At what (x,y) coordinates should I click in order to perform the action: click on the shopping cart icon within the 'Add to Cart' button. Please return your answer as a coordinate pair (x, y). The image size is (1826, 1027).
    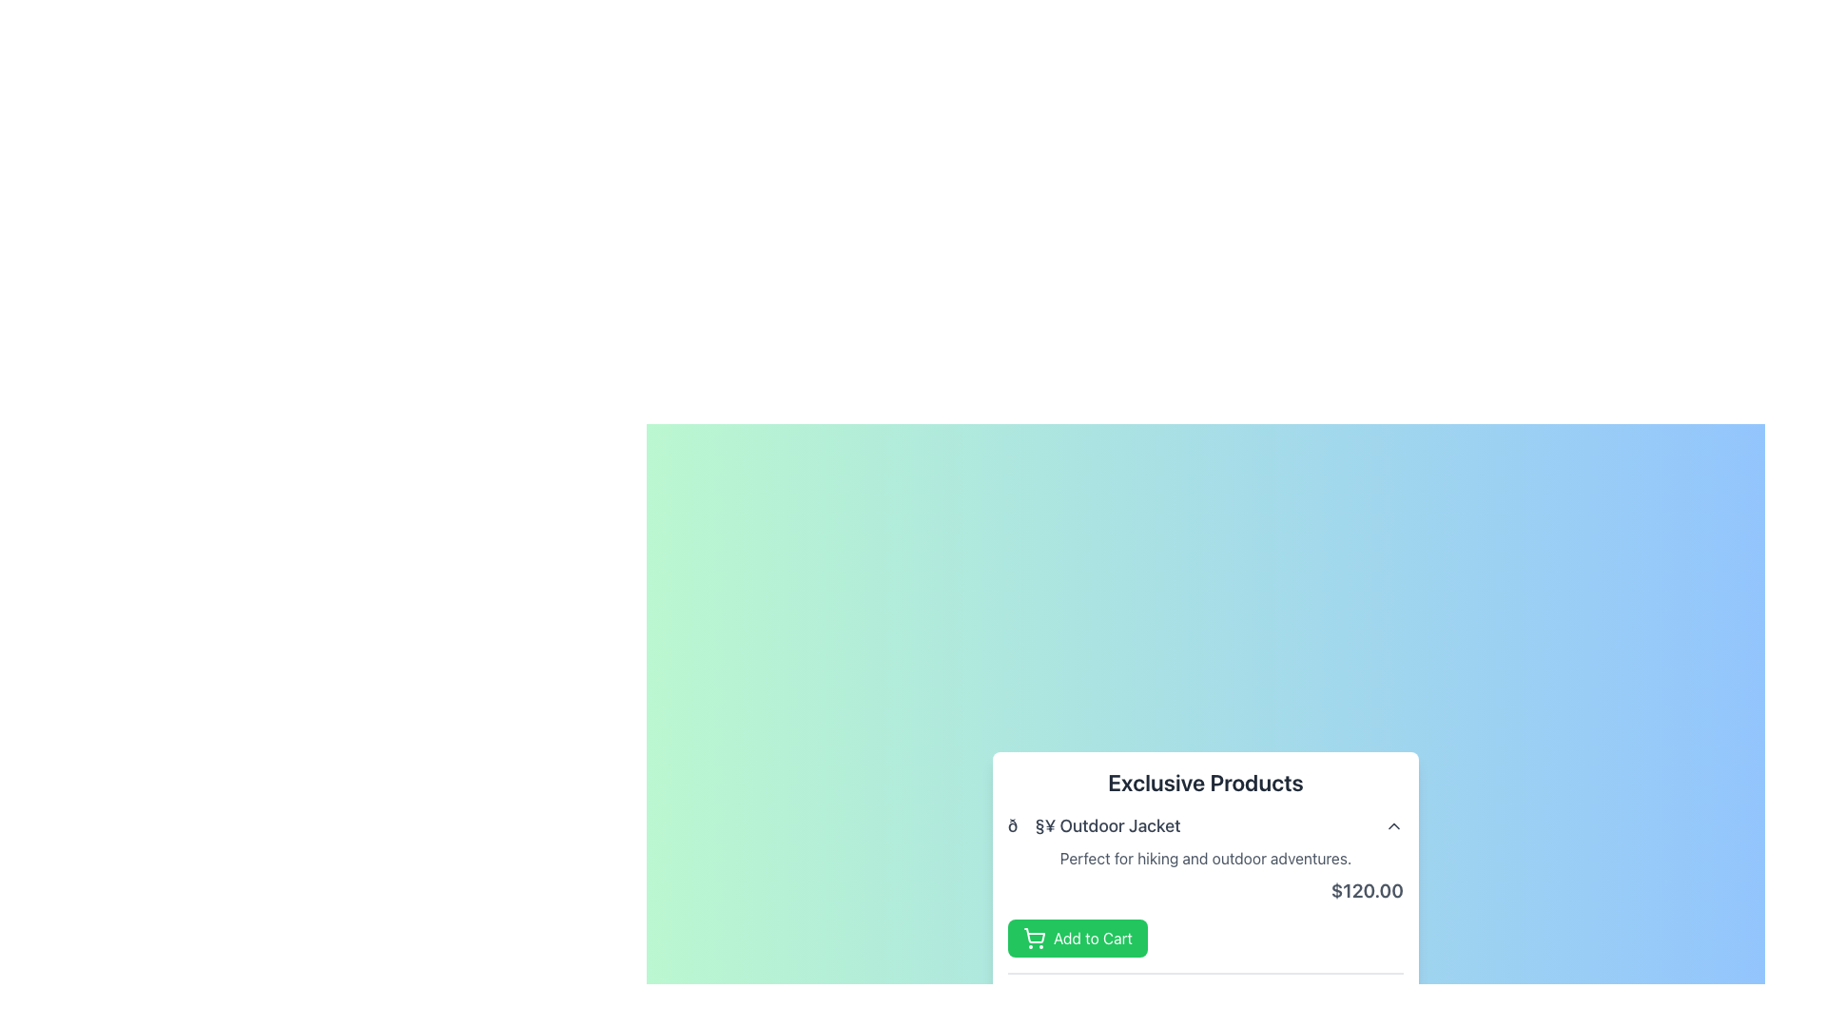
    Looking at the image, I should click on (1034, 934).